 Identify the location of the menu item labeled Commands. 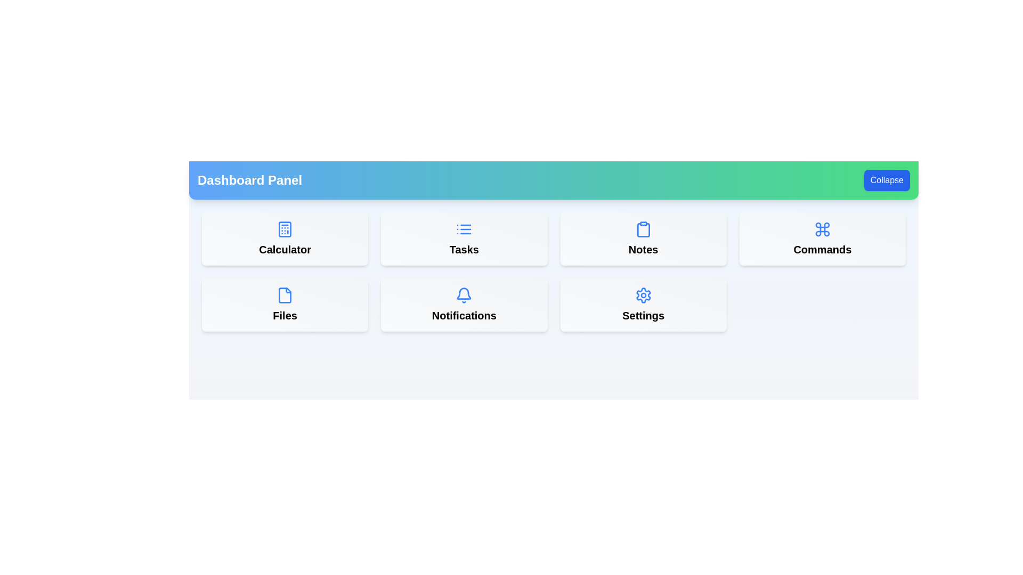
(822, 238).